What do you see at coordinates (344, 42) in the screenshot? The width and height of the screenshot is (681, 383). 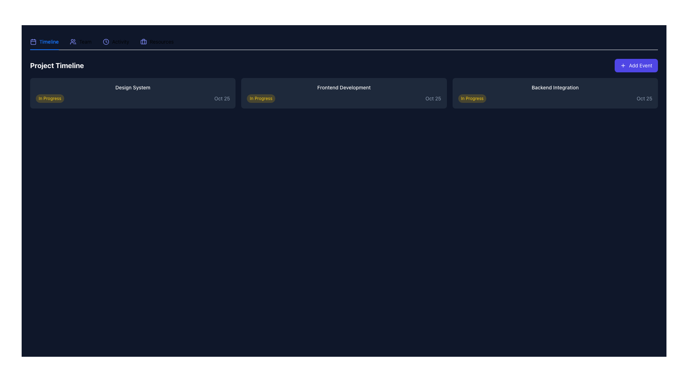 I see `the Tablist navigation bar at the top of the interface` at bounding box center [344, 42].